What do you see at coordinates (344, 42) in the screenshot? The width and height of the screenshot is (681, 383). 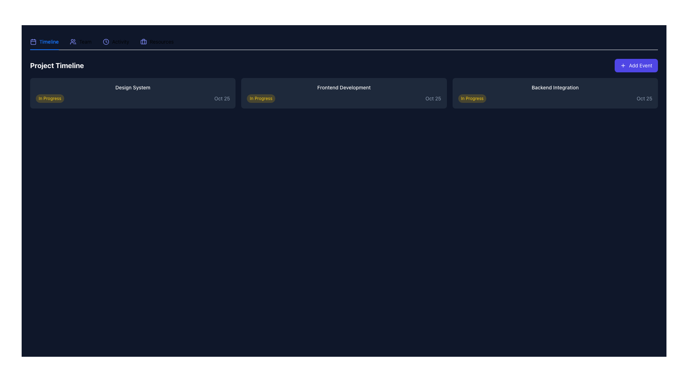 I see `the Tablist navigation bar at the top of the interface` at bounding box center [344, 42].